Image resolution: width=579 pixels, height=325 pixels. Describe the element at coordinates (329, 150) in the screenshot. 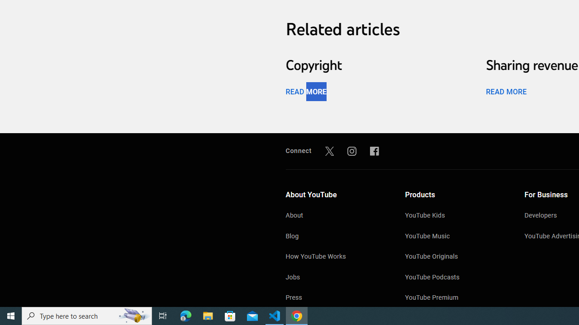

I see `'Twitter'` at that location.